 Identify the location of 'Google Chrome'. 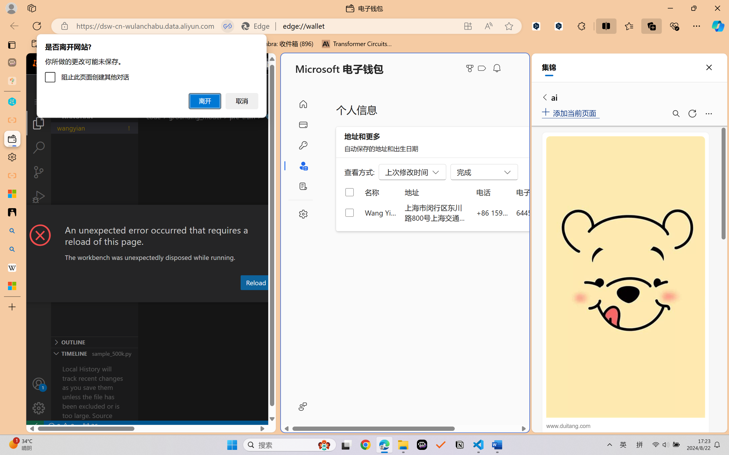
(365, 445).